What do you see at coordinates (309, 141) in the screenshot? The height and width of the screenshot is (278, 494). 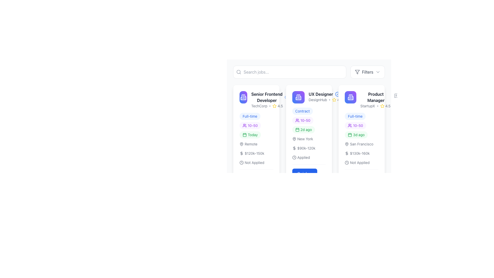 I see `individual buttons or labels within the job listing card for 'UX Designer' at 'DesignHub', which is the second item in the grid of job listings` at bounding box center [309, 141].